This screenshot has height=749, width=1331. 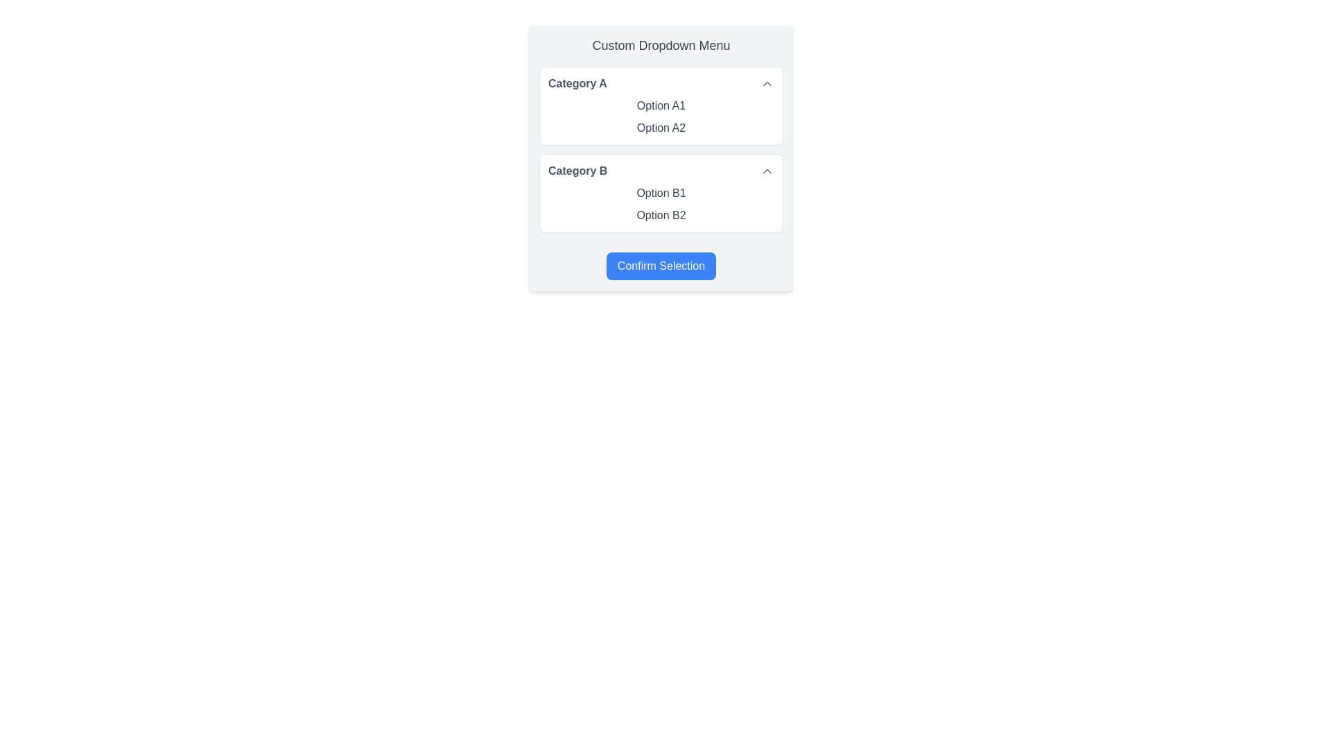 I want to click on the text label 'Category B' which is styled in bold and muted gray, serving as a header in the dropdown menu for related options, so click(x=577, y=170).